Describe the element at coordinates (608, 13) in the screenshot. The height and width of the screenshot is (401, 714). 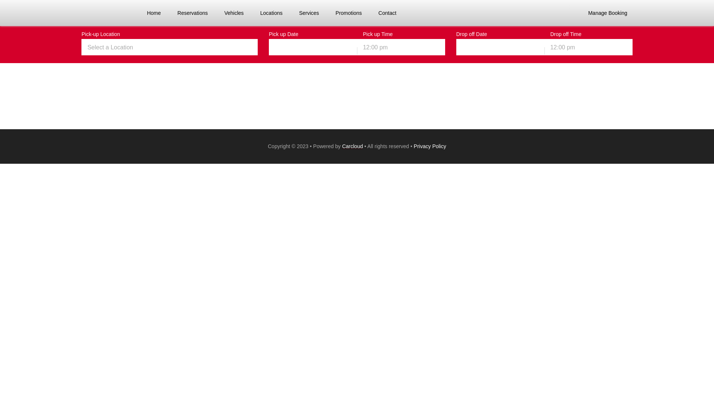
I see `'Manage Booking'` at that location.